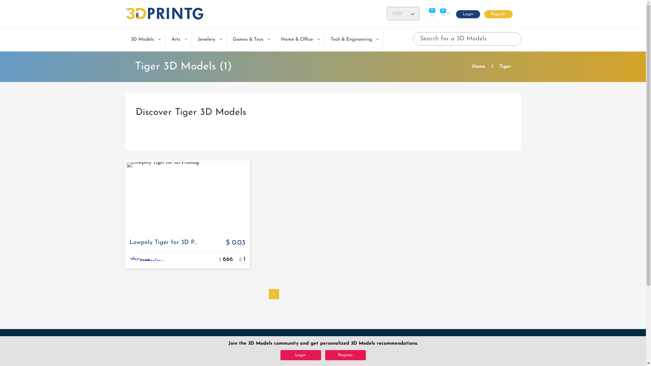  Describe the element at coordinates (144, 259) in the screenshot. I see `'avan'` at that location.